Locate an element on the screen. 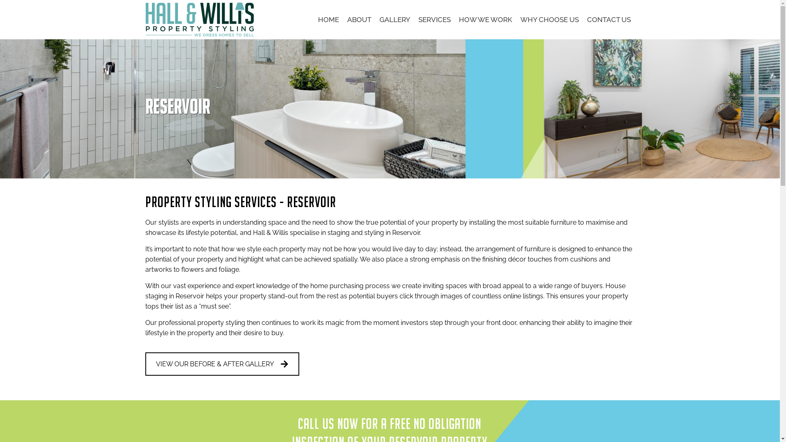 The image size is (786, 442). 'ABOUT' is located at coordinates (359, 19).